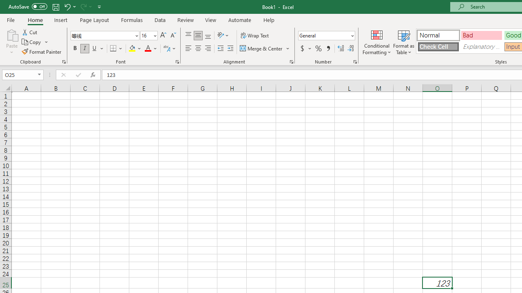 The height and width of the screenshot is (293, 522). Describe the element at coordinates (198, 35) in the screenshot. I see `'Middle Align'` at that location.